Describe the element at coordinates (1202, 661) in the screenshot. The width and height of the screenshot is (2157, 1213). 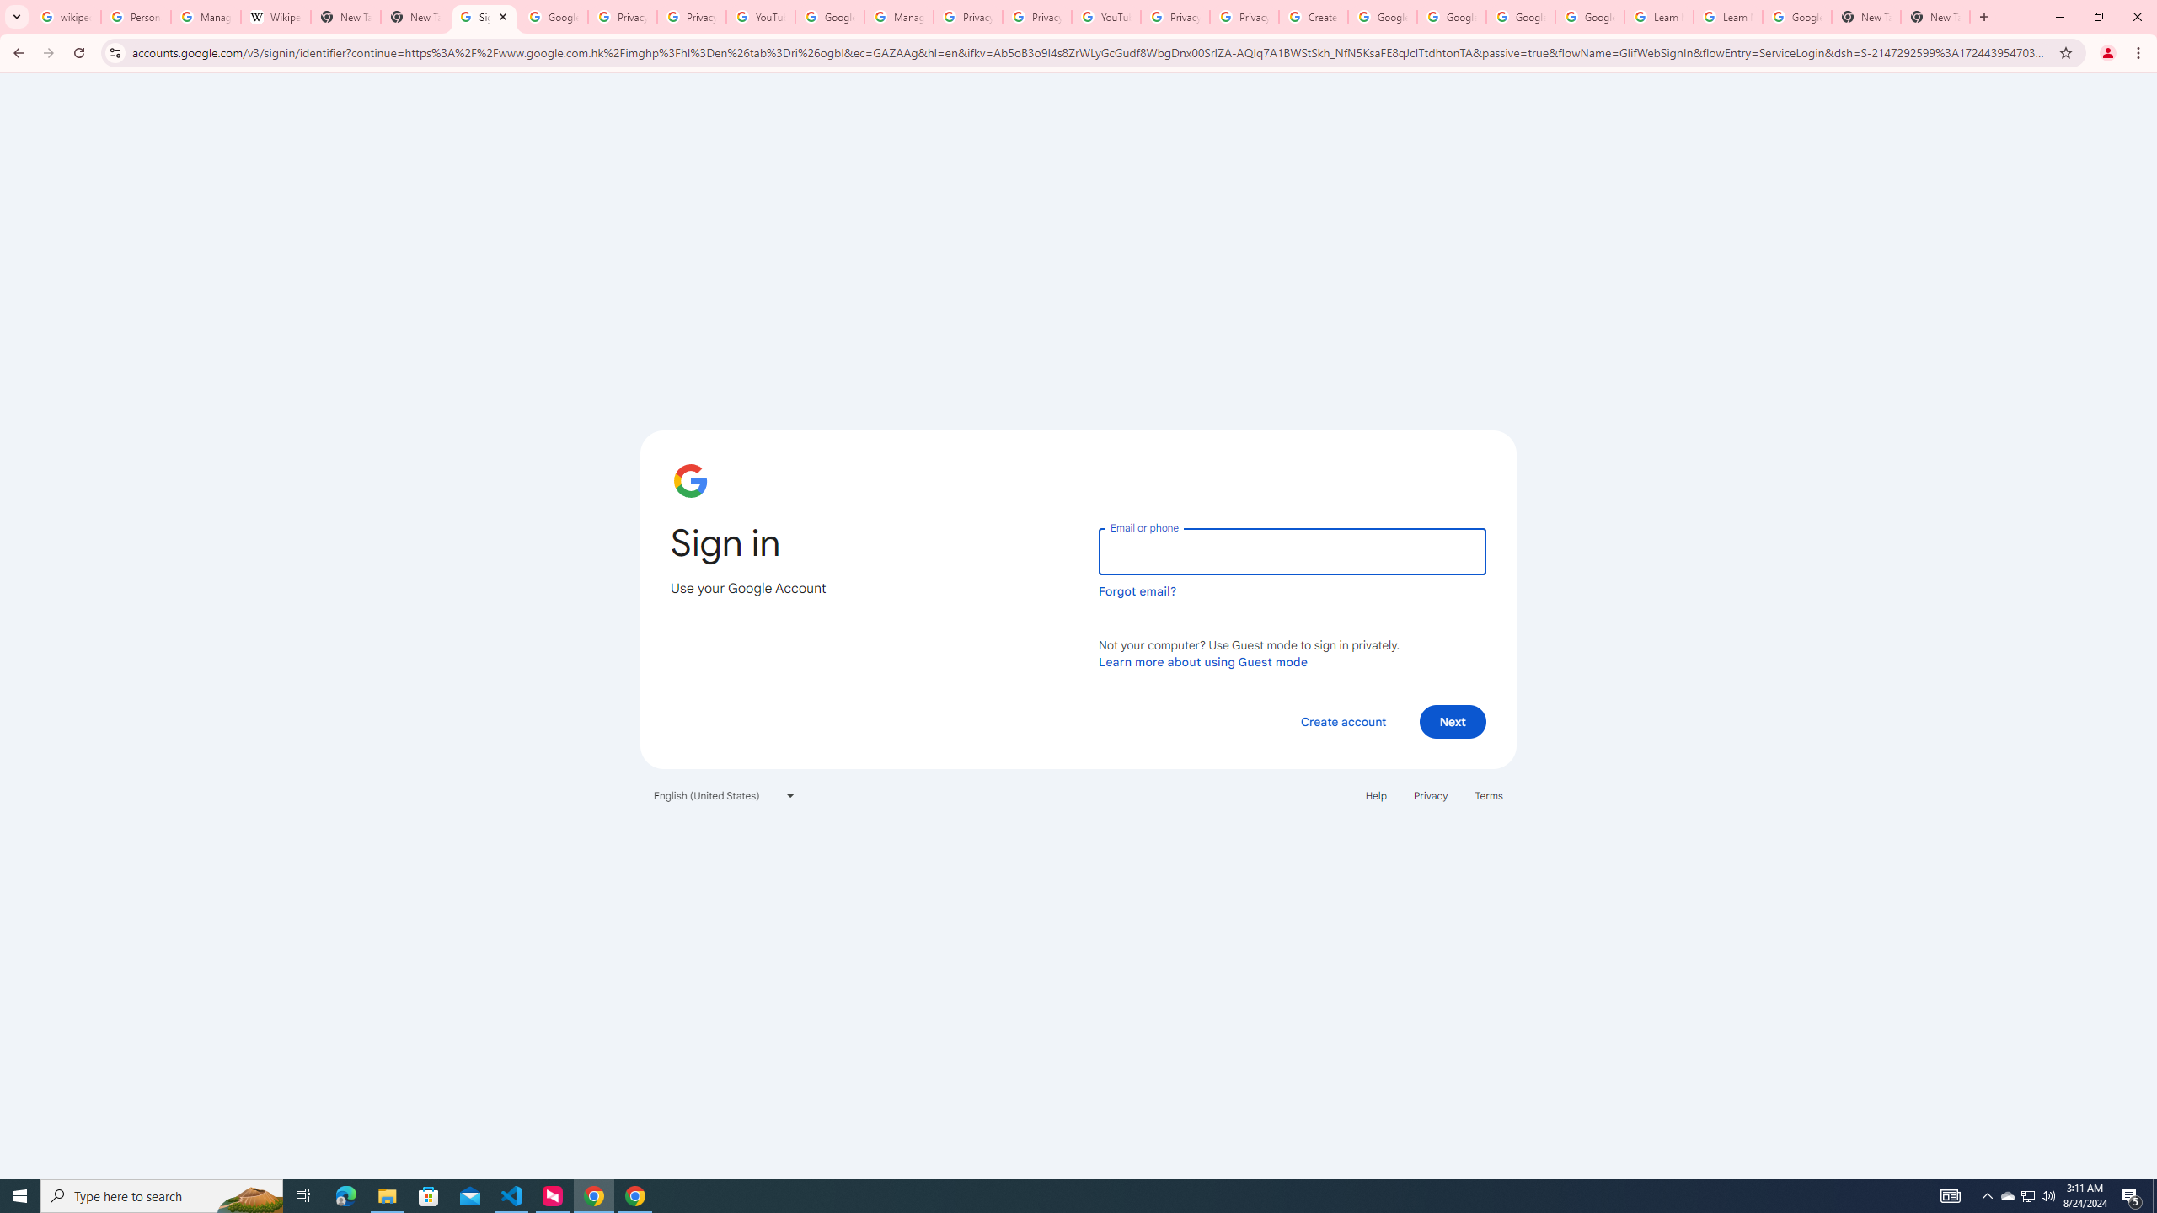
I see `'Learn more about using Guest mode'` at that location.